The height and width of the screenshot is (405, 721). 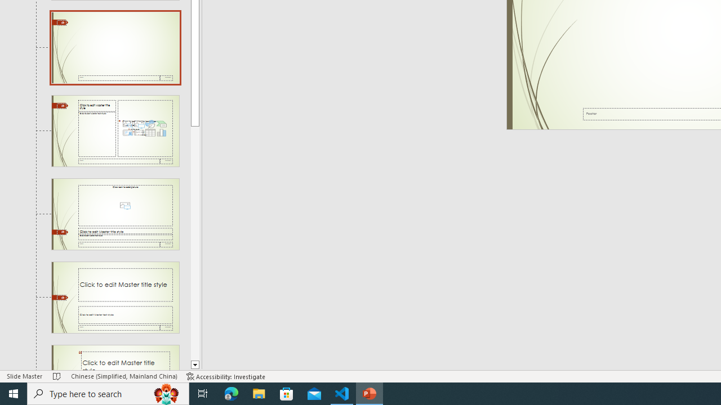 What do you see at coordinates (115, 130) in the screenshot?
I see `'Slide Content with Caption Layout: used by no slides'` at bounding box center [115, 130].